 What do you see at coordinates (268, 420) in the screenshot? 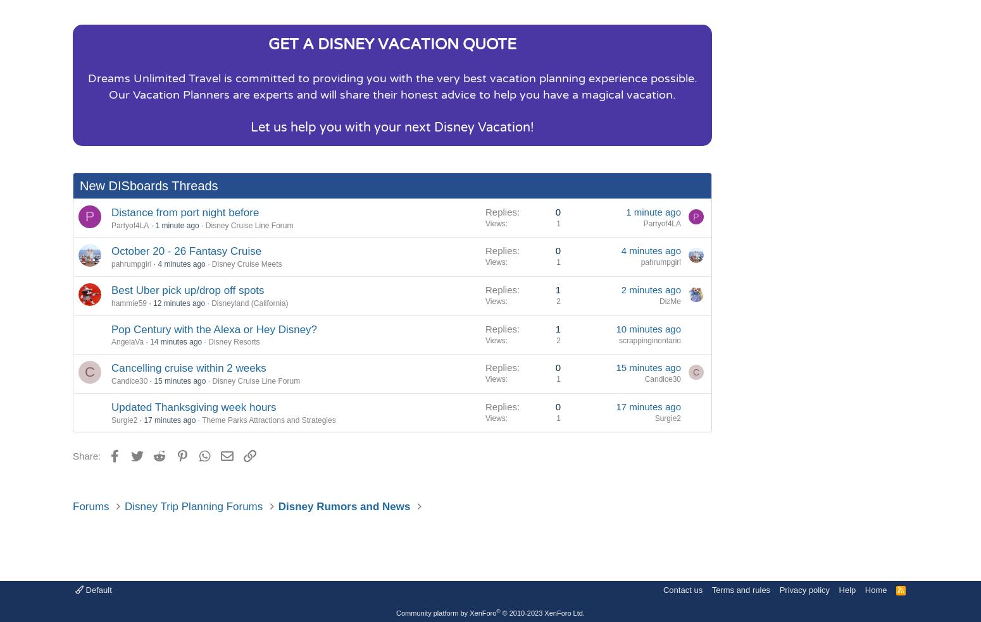
I see `'Theme Parks Attractions and Strategies'` at bounding box center [268, 420].